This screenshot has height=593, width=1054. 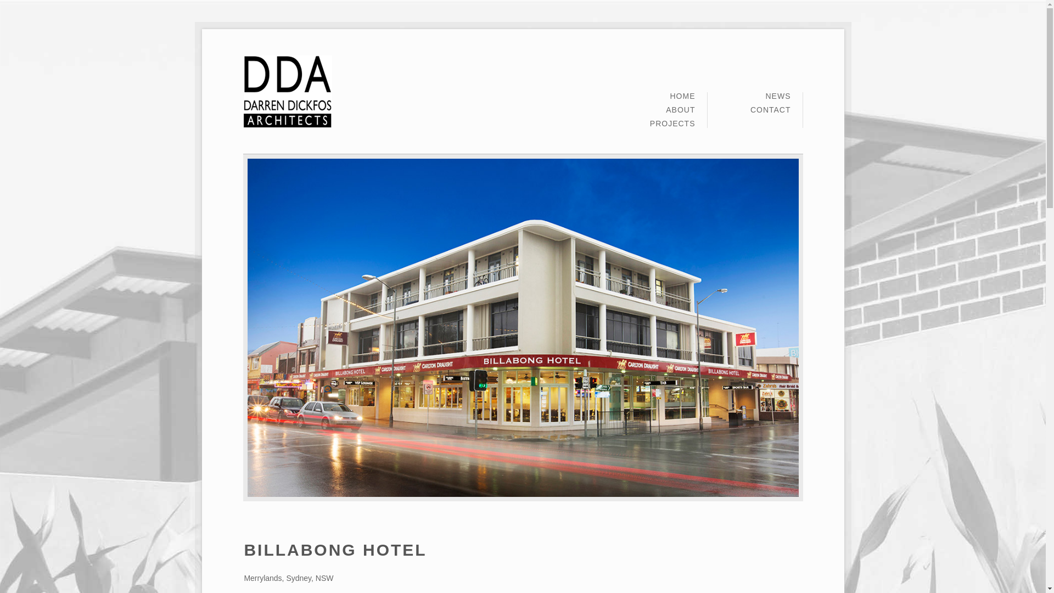 What do you see at coordinates (680, 113) in the screenshot?
I see `'ABOUT'` at bounding box center [680, 113].